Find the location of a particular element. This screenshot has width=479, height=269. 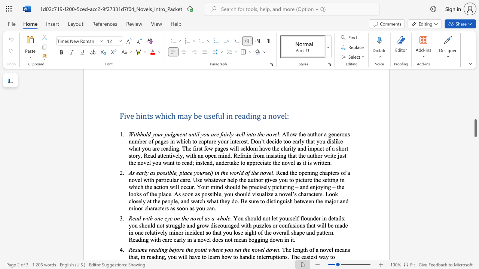

the scrollbar to move the page up is located at coordinates (475, 78).